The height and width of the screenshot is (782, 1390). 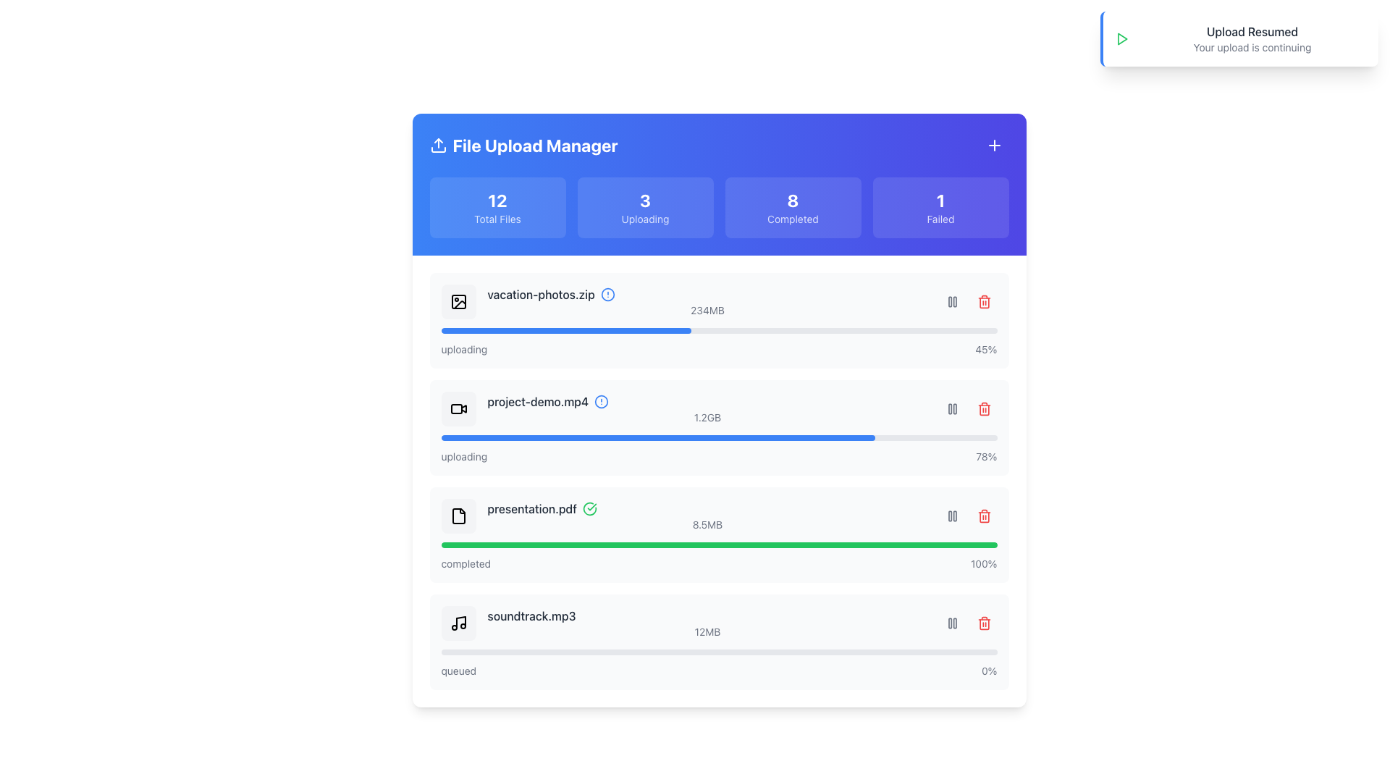 What do you see at coordinates (498, 330) in the screenshot?
I see `the progress bar` at bounding box center [498, 330].